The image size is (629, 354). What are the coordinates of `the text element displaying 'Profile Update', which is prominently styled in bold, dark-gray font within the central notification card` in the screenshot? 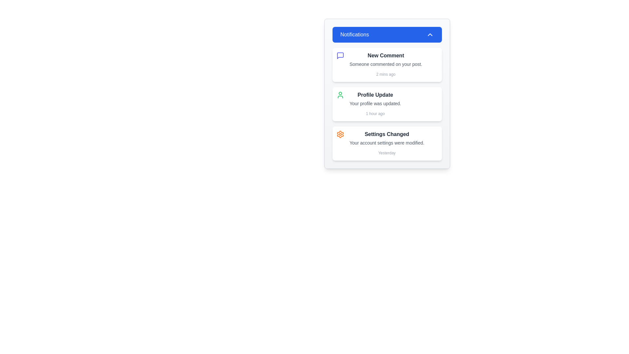 It's located at (375, 95).